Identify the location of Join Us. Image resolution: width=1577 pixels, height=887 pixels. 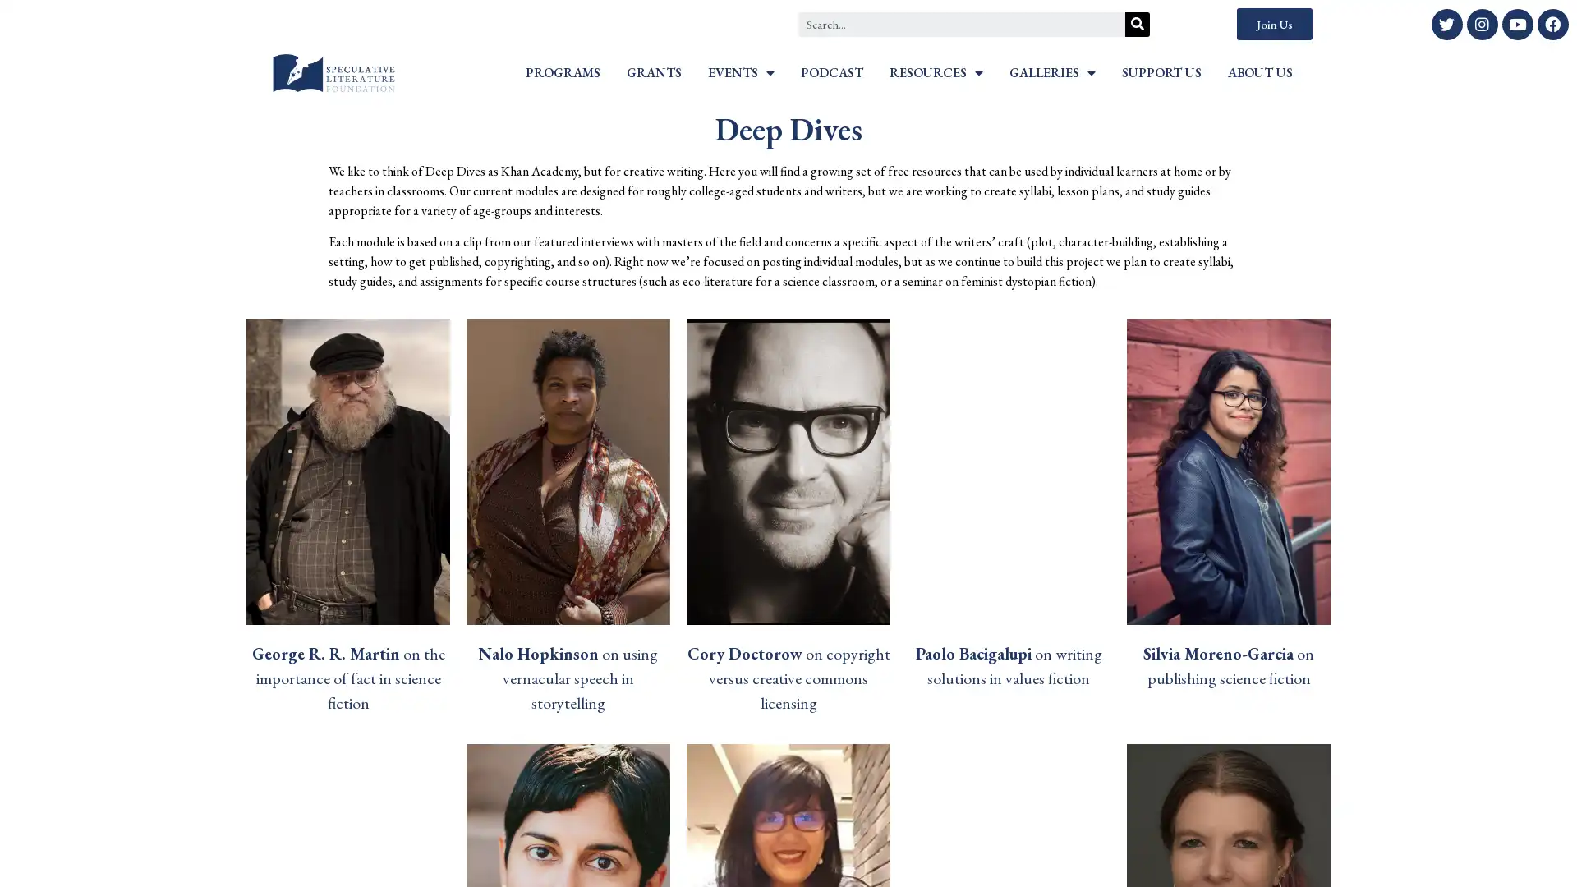
(1273, 24).